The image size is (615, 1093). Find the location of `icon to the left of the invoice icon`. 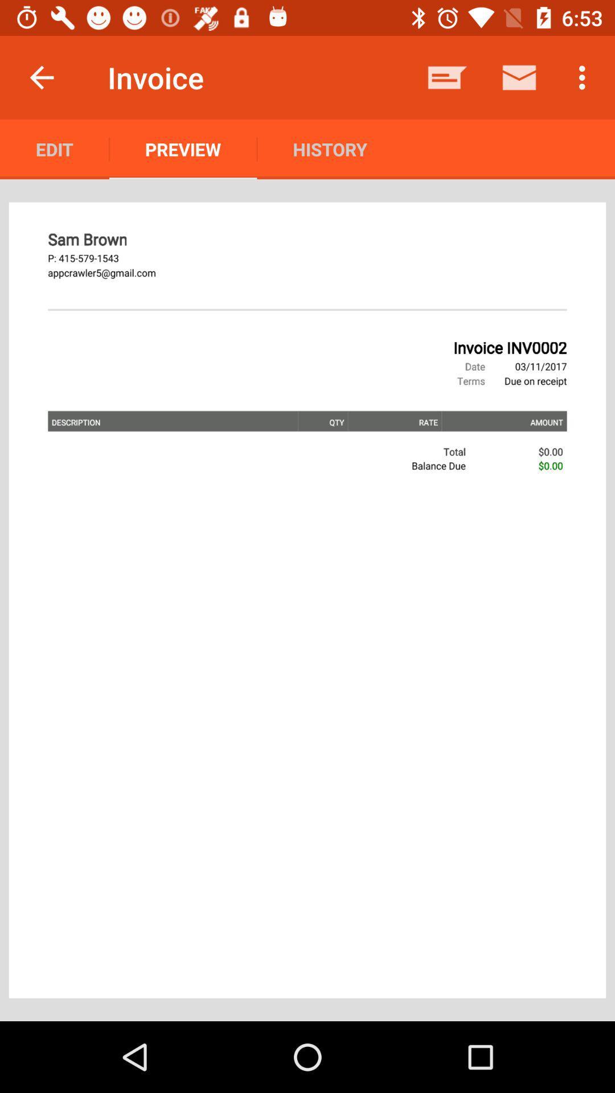

icon to the left of the invoice icon is located at coordinates (41, 77).